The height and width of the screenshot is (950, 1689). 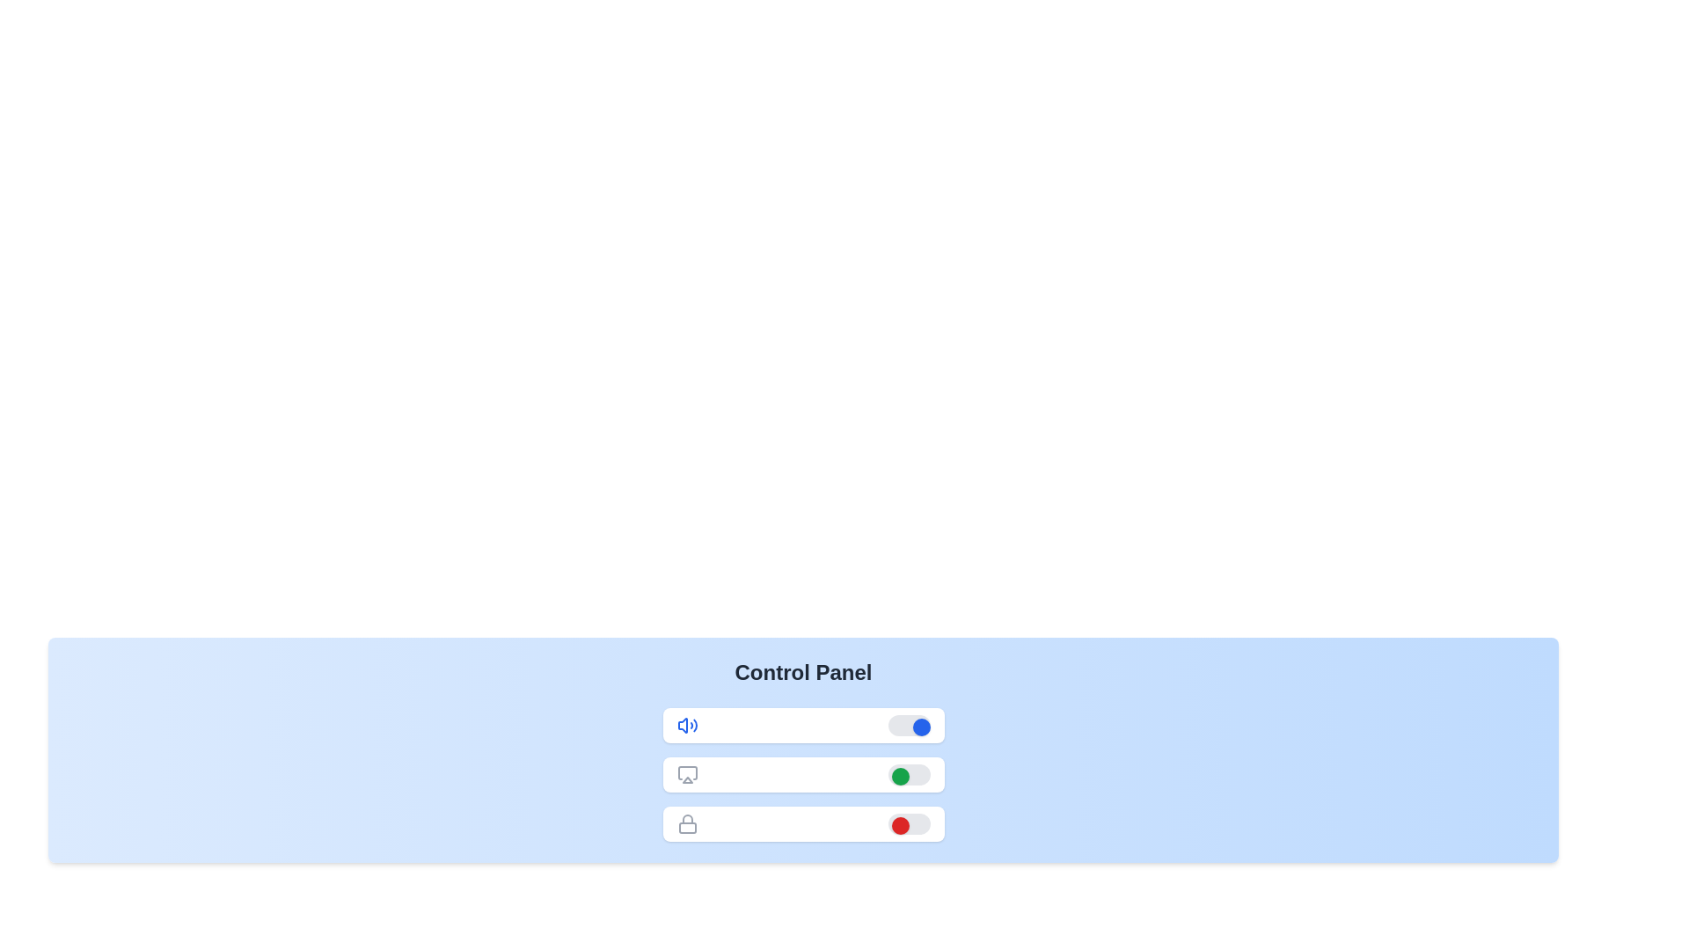 I want to click on the green circular handle of the toggle switch located on the right side of the second control row to switch its state from active to inactive, so click(x=909, y=773).